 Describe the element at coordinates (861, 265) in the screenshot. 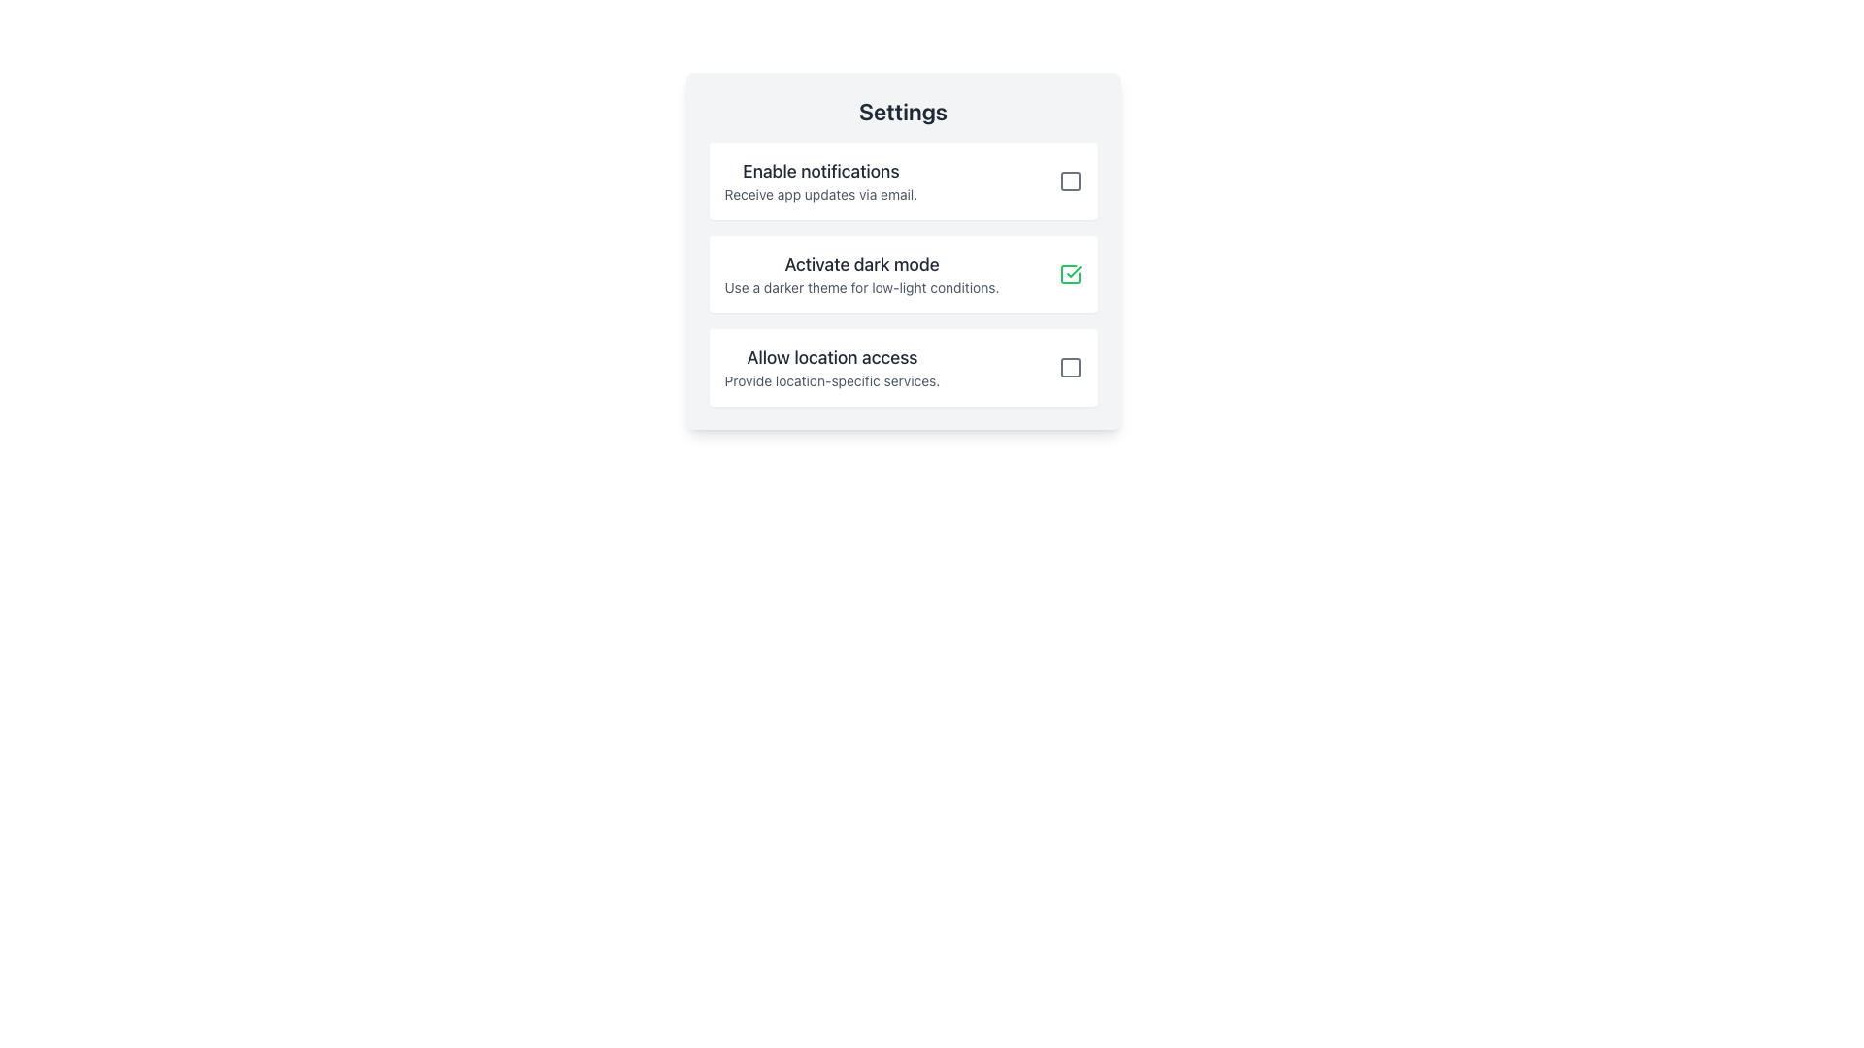

I see `the descriptive heading for dark mode functionality located under the 'Settings' main section, between 'Enable notifications' and 'Allow location access'` at that location.